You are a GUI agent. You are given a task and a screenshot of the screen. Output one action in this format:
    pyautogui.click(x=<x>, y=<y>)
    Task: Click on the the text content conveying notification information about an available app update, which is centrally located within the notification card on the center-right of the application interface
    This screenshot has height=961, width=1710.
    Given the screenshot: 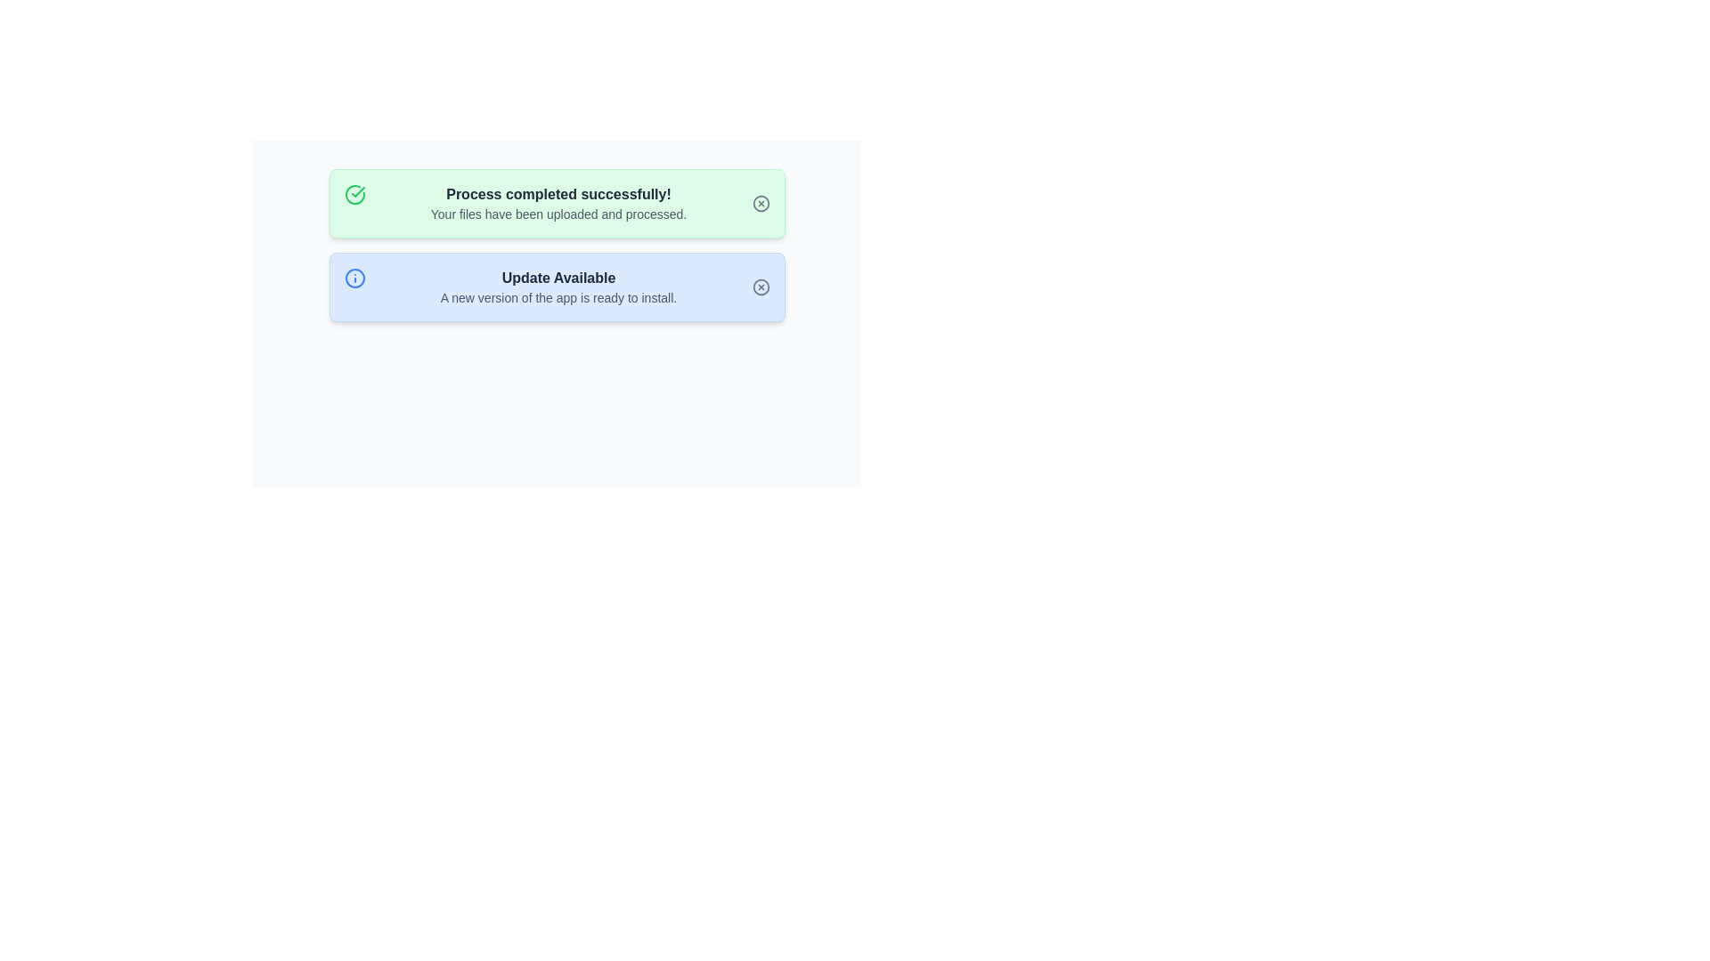 What is the action you would take?
    pyautogui.click(x=558, y=287)
    